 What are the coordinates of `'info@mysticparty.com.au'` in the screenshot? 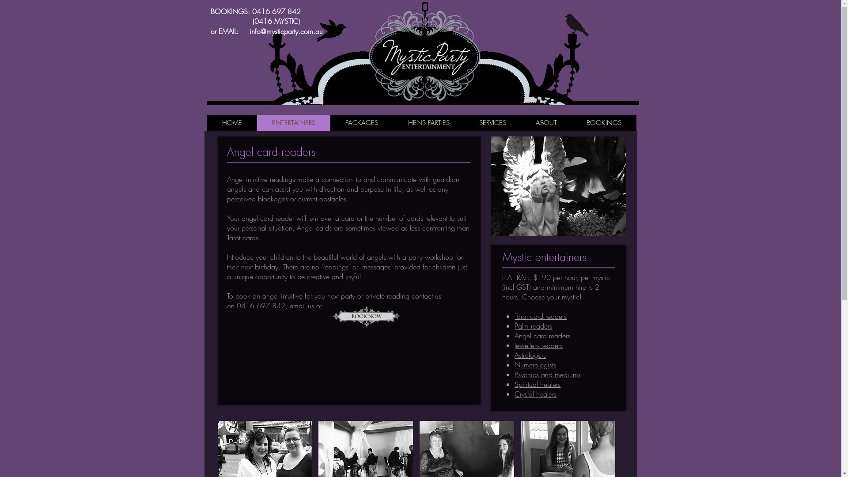 It's located at (249, 30).